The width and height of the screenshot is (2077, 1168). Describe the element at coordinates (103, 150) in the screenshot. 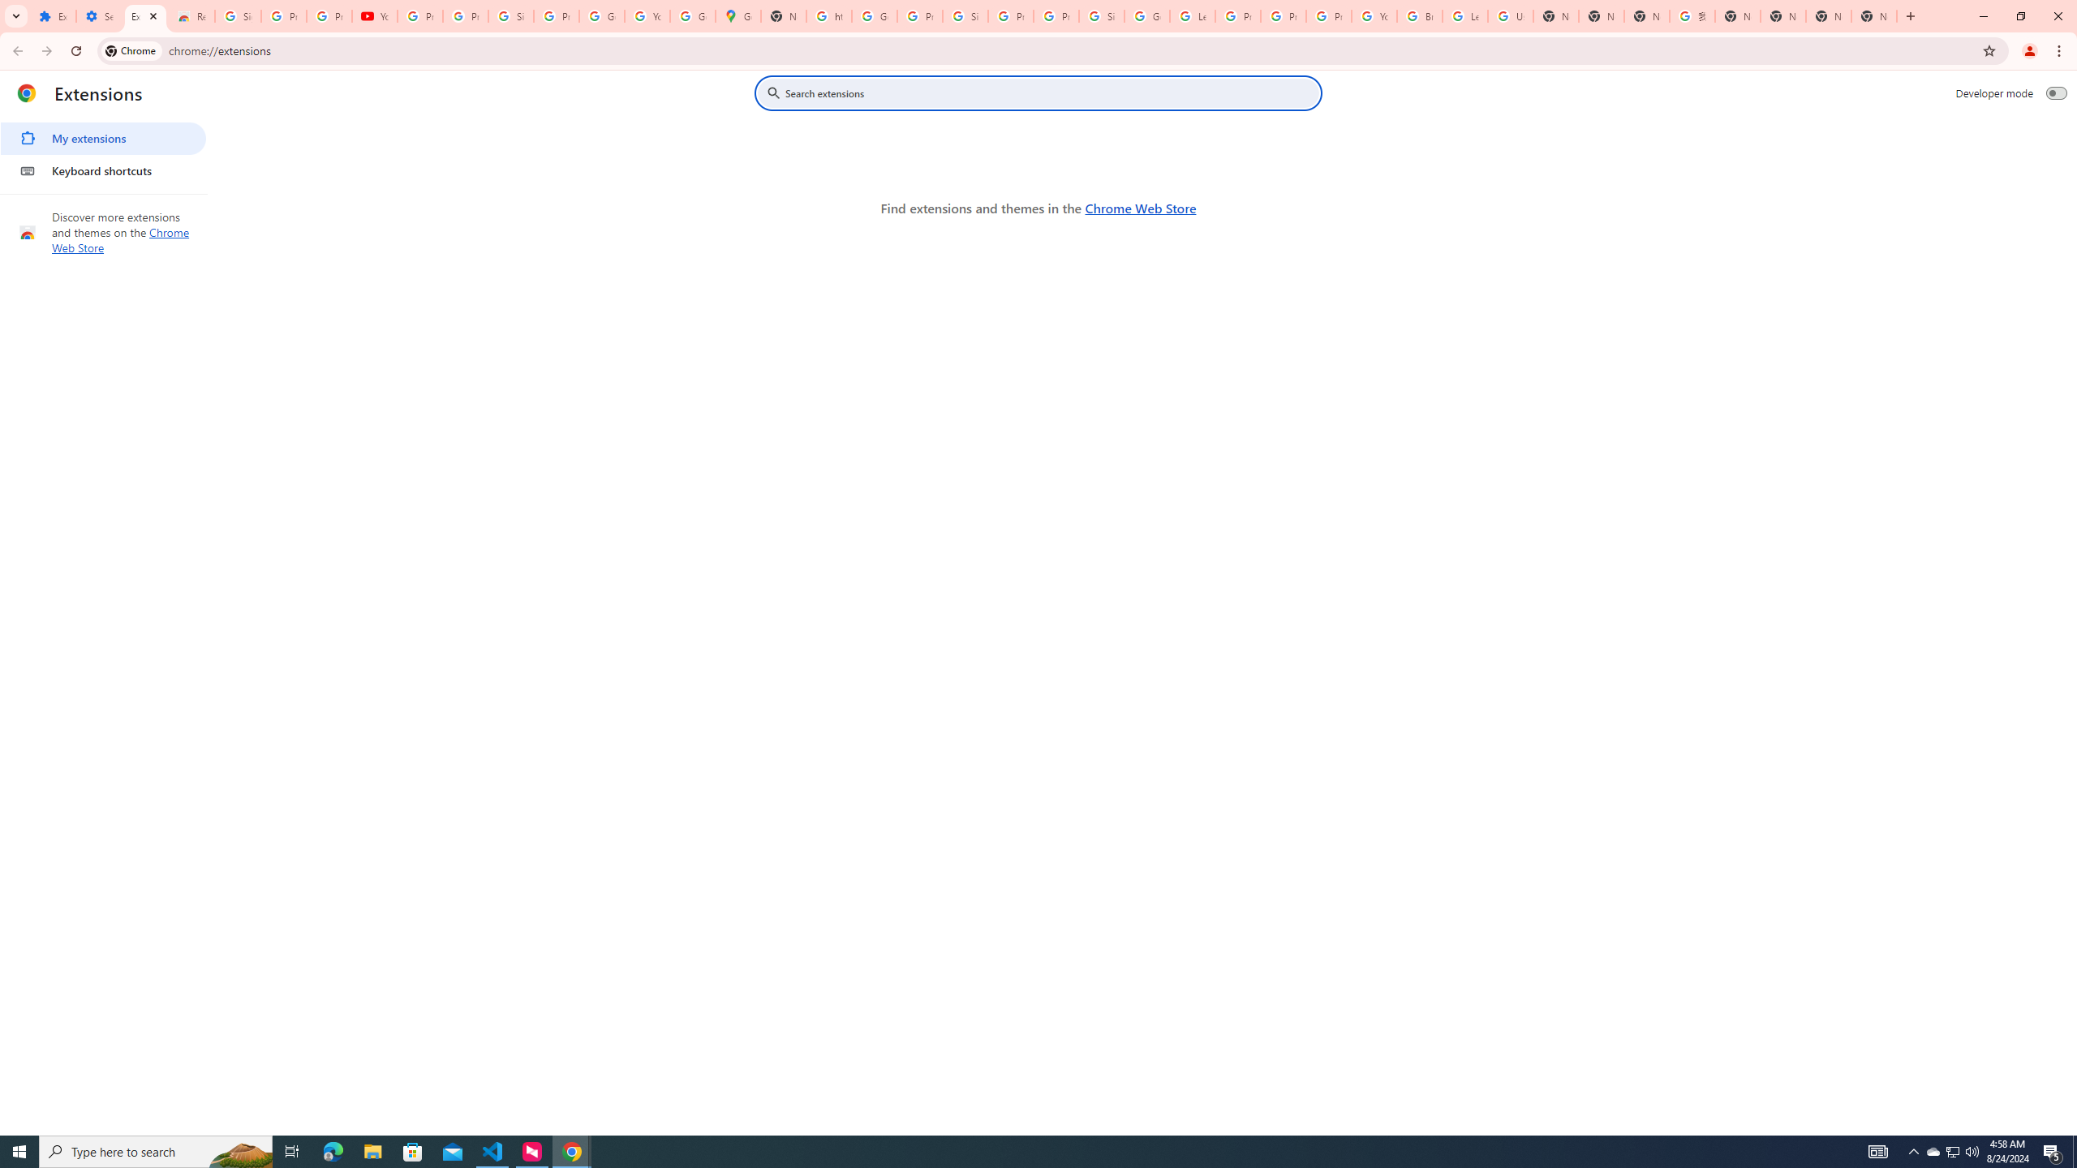

I see `'AutomationID: sectionMenu'` at that location.